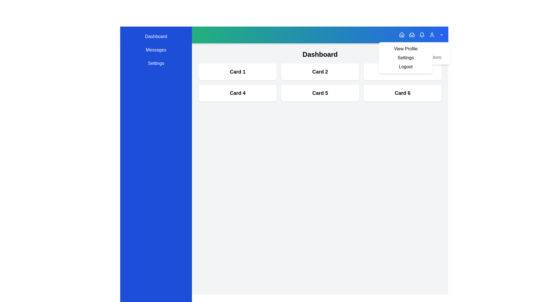 The width and height of the screenshot is (538, 302). What do you see at coordinates (441, 35) in the screenshot?
I see `the dropdown trigger icon button located in the top-right navigation bar` at bounding box center [441, 35].